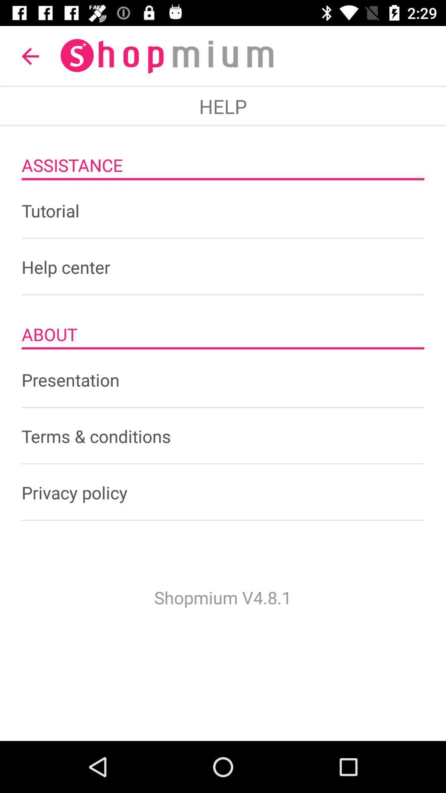 The width and height of the screenshot is (446, 793). I want to click on the privacy policy icon, so click(223, 492).